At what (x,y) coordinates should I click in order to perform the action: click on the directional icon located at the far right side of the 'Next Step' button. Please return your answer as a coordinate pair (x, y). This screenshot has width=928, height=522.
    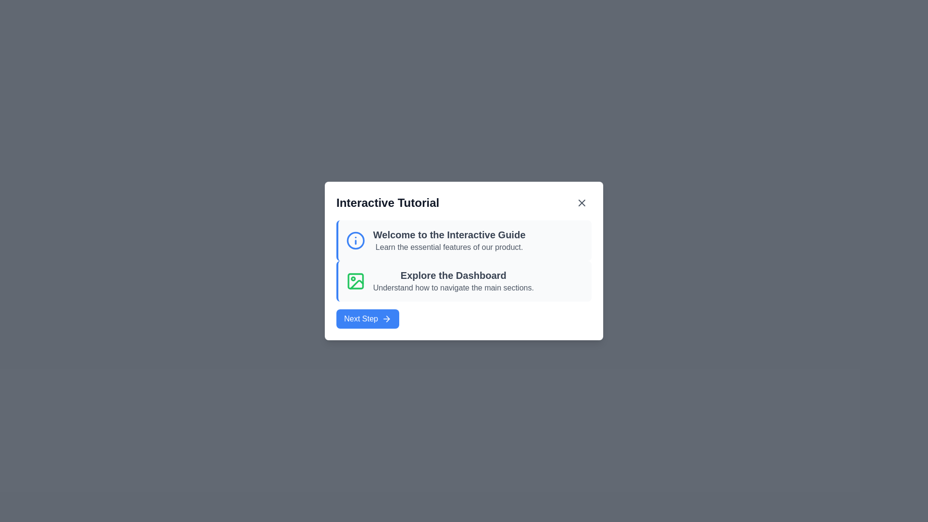
    Looking at the image, I should click on (387, 319).